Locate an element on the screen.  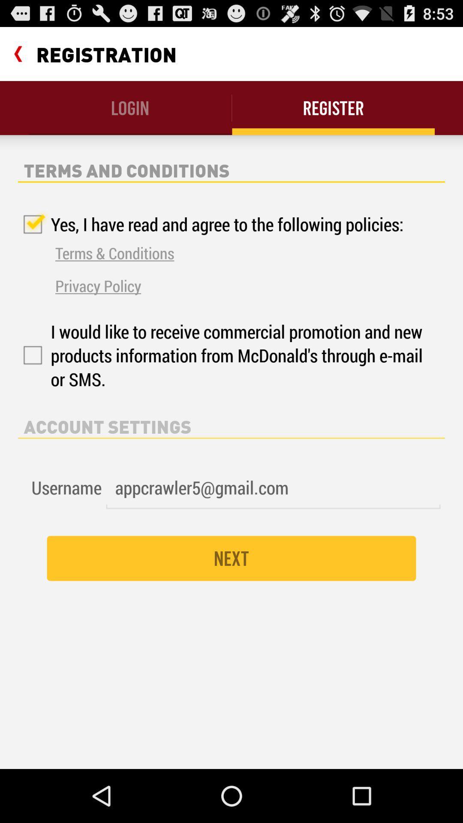
the icon above the i would like icon is located at coordinates (98, 285).